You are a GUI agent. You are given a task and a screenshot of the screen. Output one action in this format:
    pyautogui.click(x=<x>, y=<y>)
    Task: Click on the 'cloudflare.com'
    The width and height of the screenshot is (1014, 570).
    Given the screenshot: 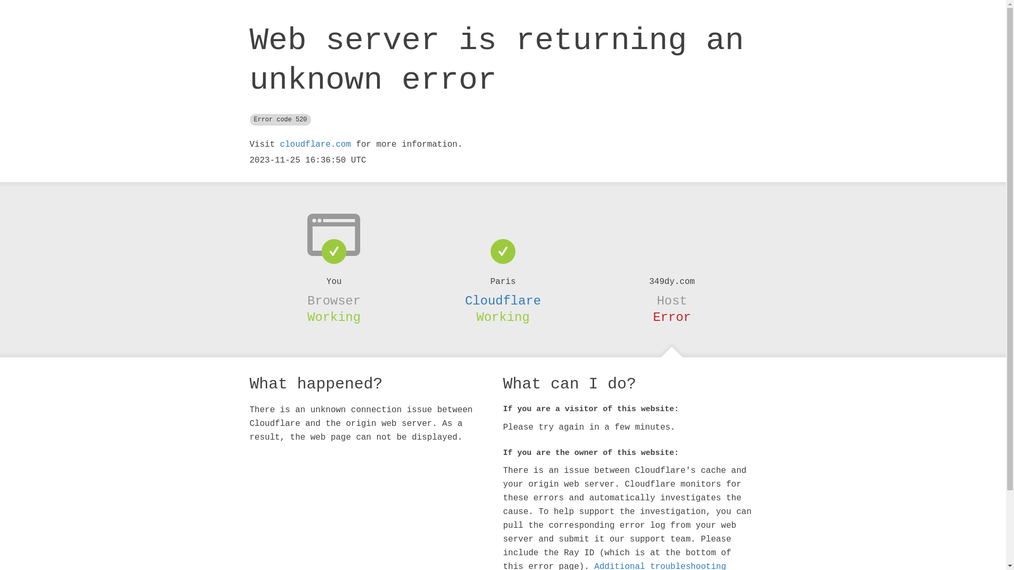 What is the action you would take?
    pyautogui.click(x=314, y=144)
    